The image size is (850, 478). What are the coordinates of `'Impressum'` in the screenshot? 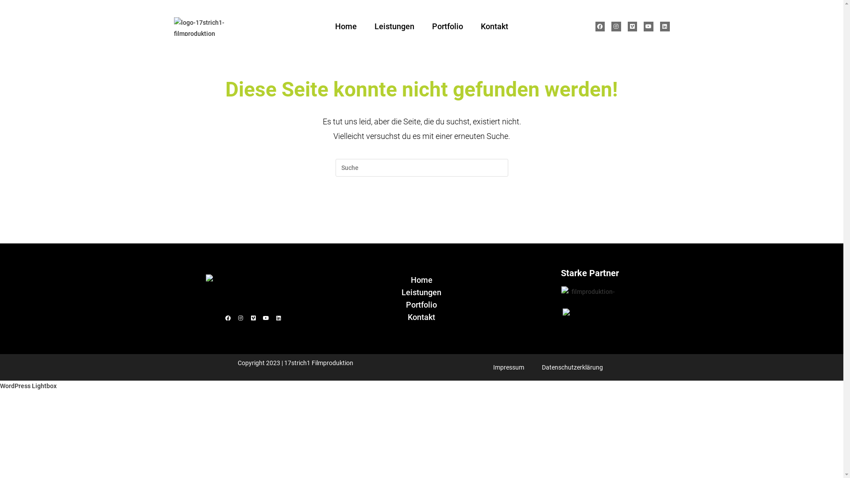 It's located at (508, 367).